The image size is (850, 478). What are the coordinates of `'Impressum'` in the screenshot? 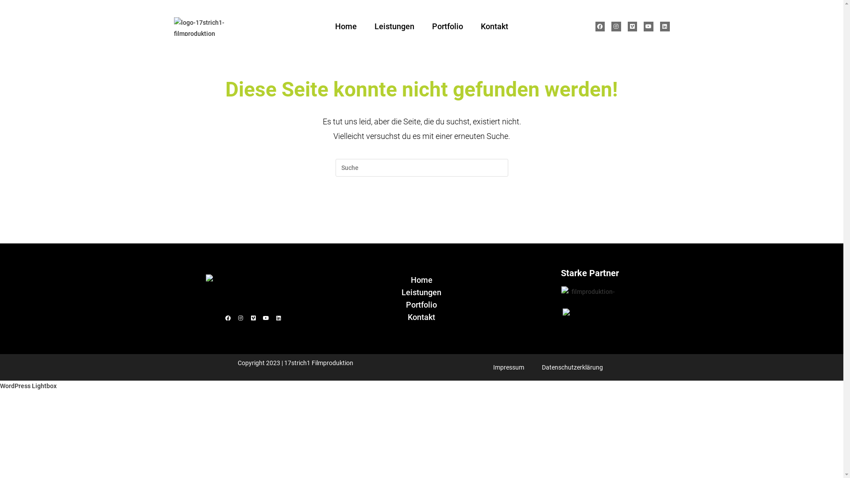 It's located at (508, 367).